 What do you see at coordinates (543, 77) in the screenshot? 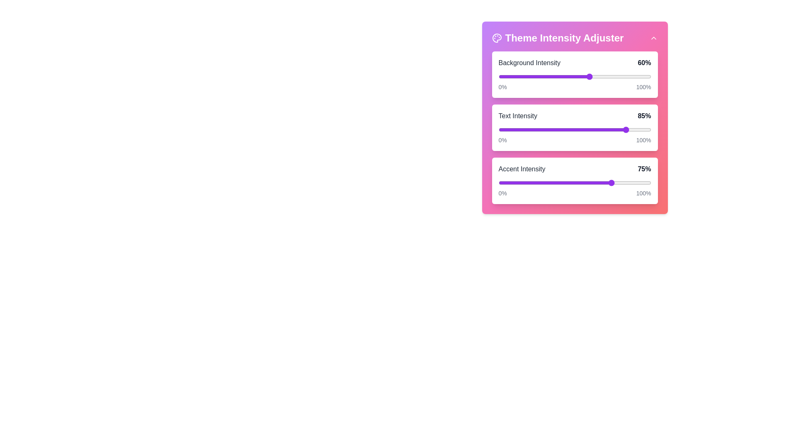
I see `the background intensity` at bounding box center [543, 77].